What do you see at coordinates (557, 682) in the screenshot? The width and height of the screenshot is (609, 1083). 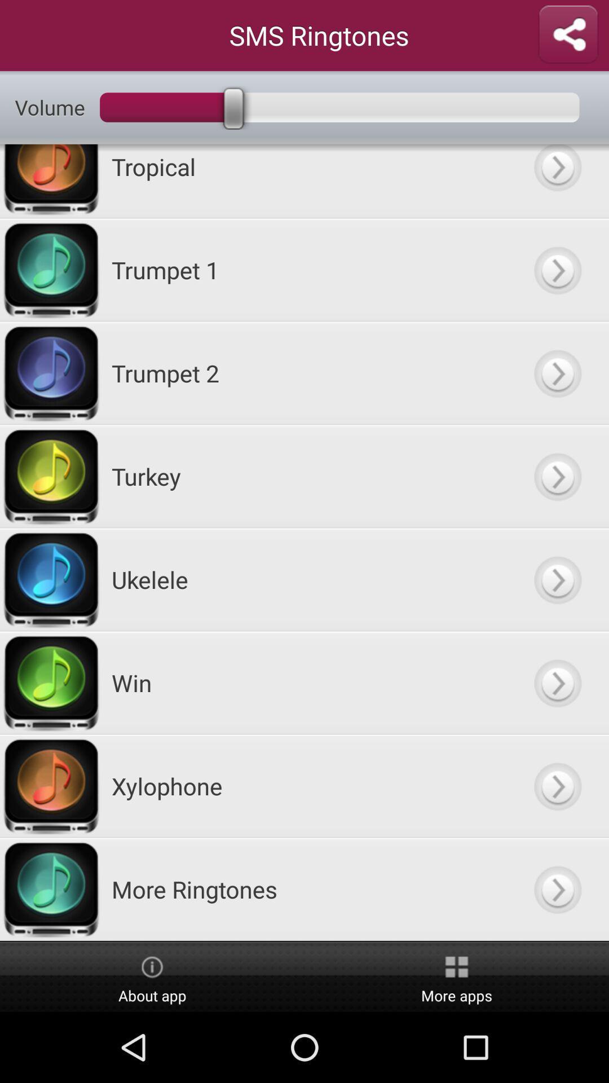 I see `navigate to win` at bounding box center [557, 682].